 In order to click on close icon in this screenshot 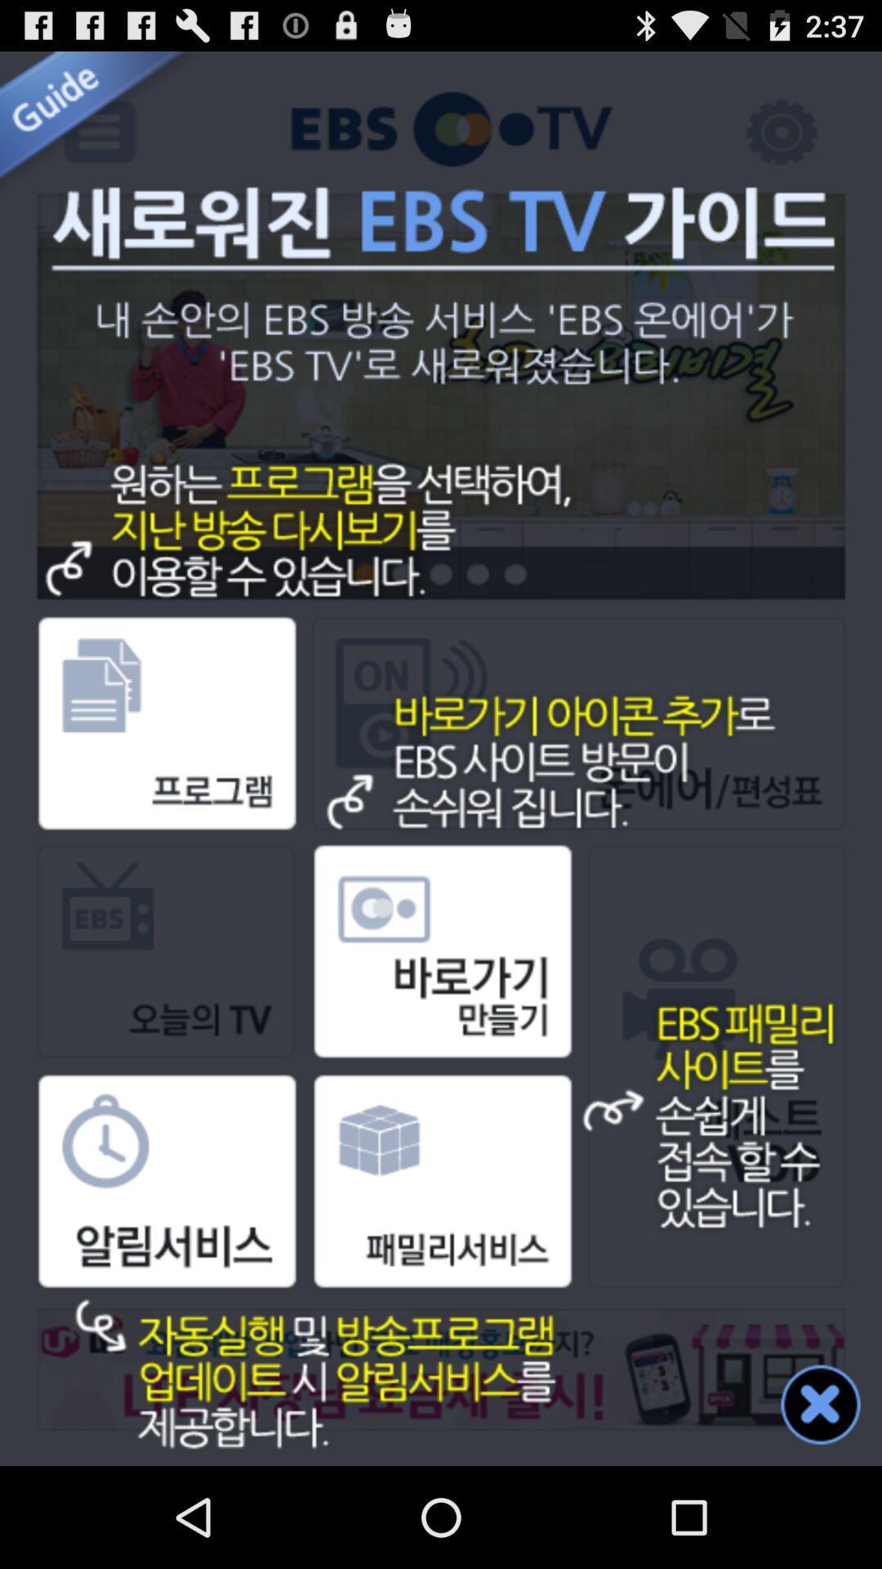, I will do `click(821, 1403)`.